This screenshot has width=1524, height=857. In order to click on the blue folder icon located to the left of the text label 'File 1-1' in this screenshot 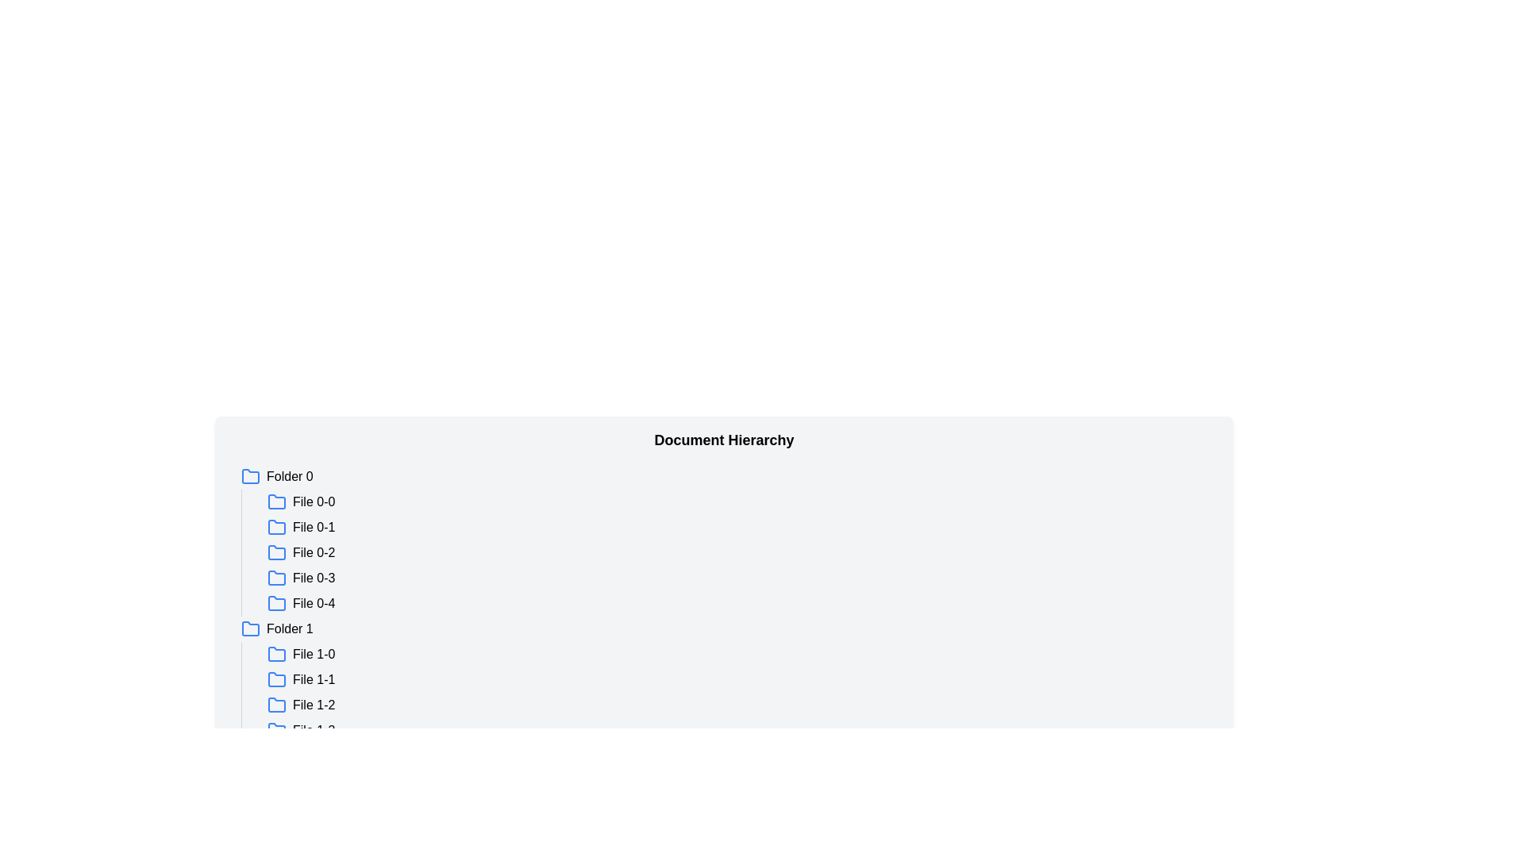, I will do `click(277, 678)`.